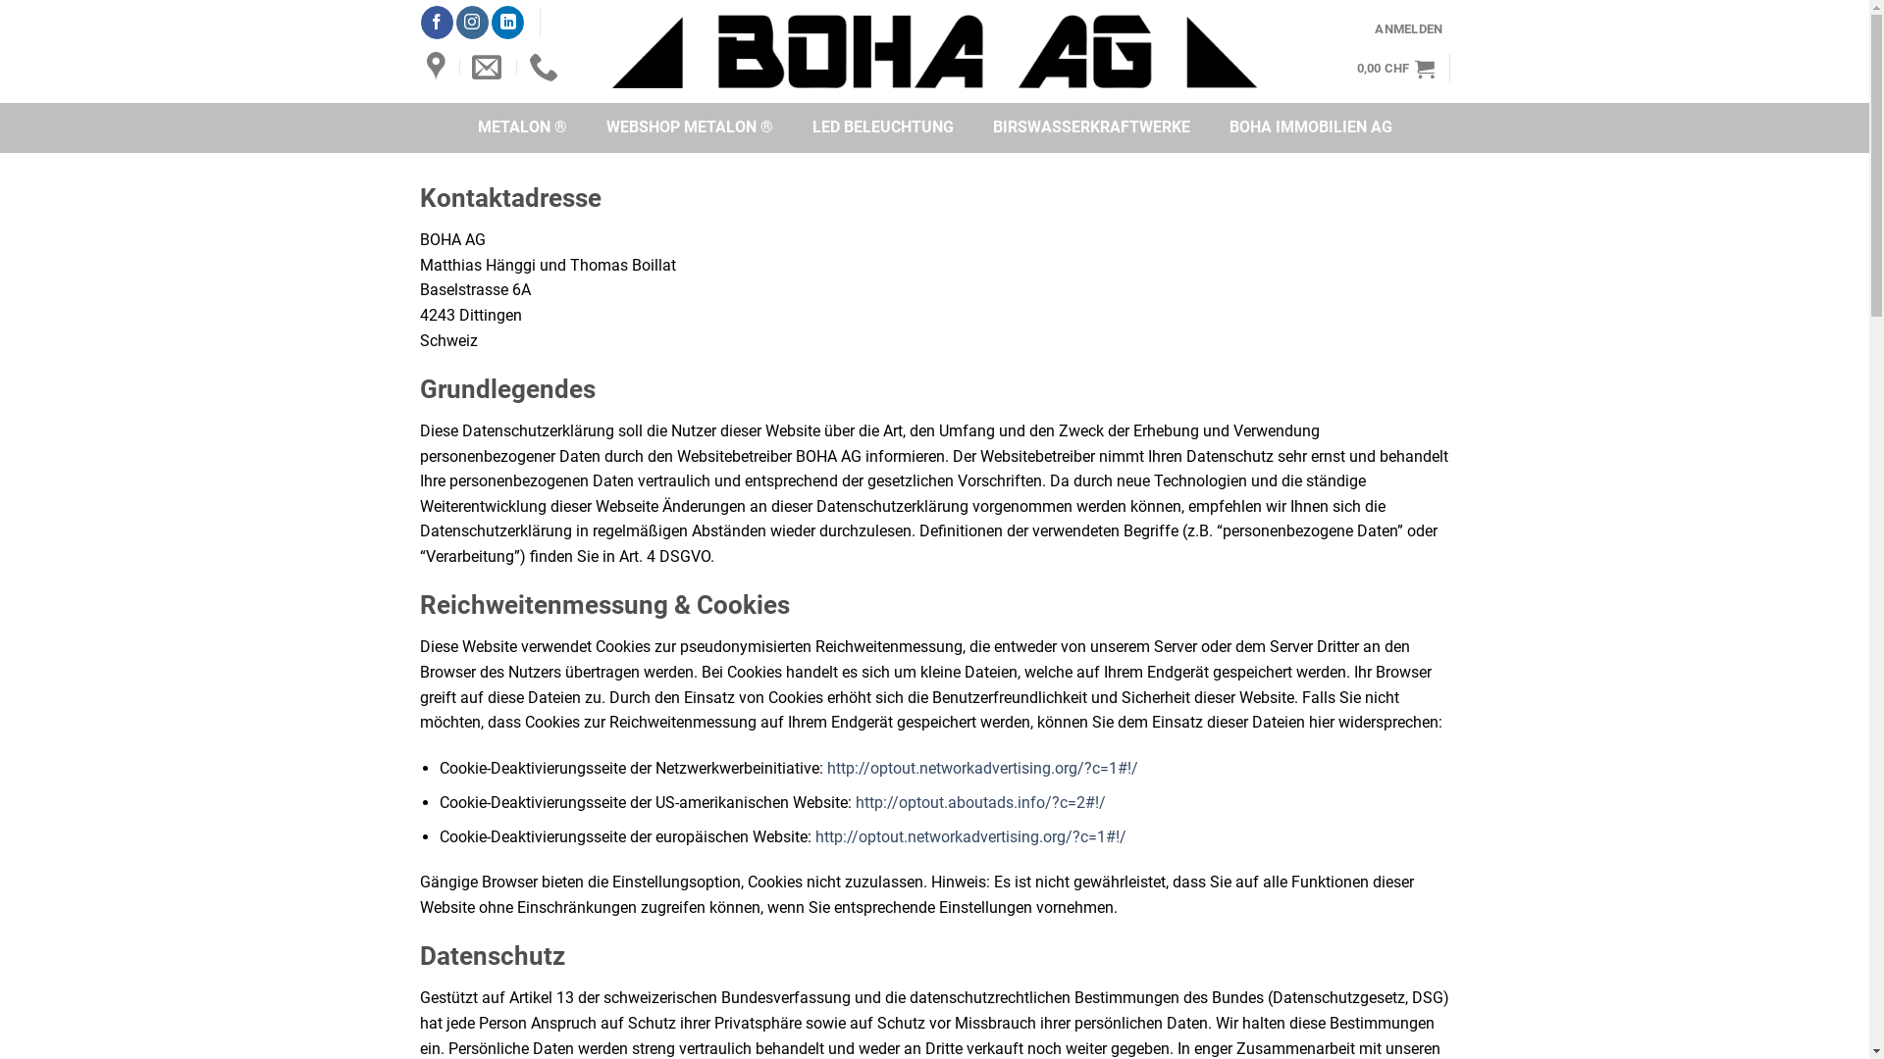  I want to click on 'BOHA IMMOBILIEN AG', so click(1309, 127).